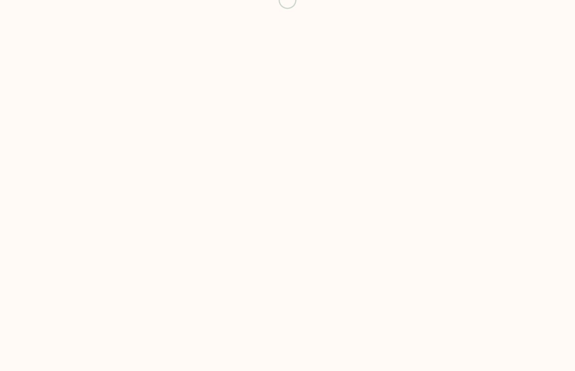 Image resolution: width=575 pixels, height=371 pixels. Describe the element at coordinates (130, 33) in the screenshot. I see `'24560 Dulles Landing Dr. Suite 170 Dulles, VA 20166'` at that location.